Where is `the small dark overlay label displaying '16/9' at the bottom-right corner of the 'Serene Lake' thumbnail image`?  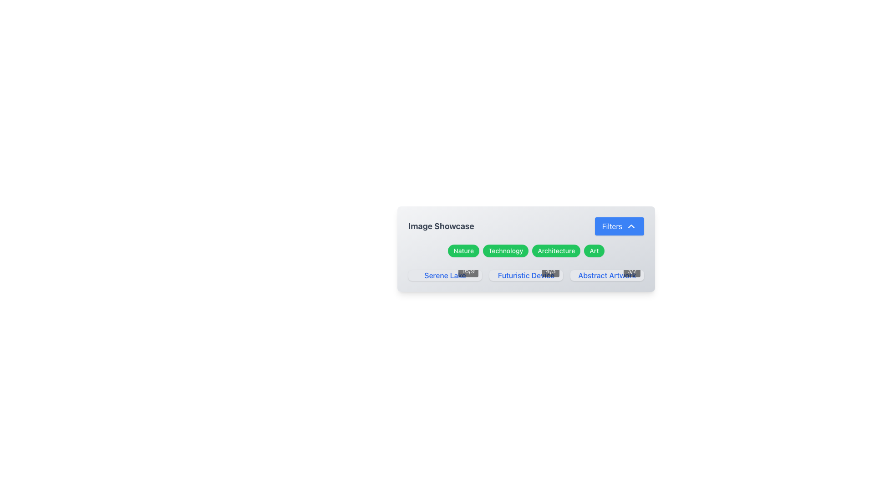 the small dark overlay label displaying '16/9' at the bottom-right corner of the 'Serene Lake' thumbnail image is located at coordinates (468, 271).